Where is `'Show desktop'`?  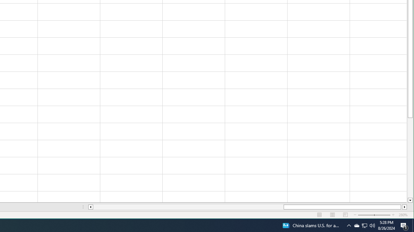
'Show desktop' is located at coordinates (413, 225).